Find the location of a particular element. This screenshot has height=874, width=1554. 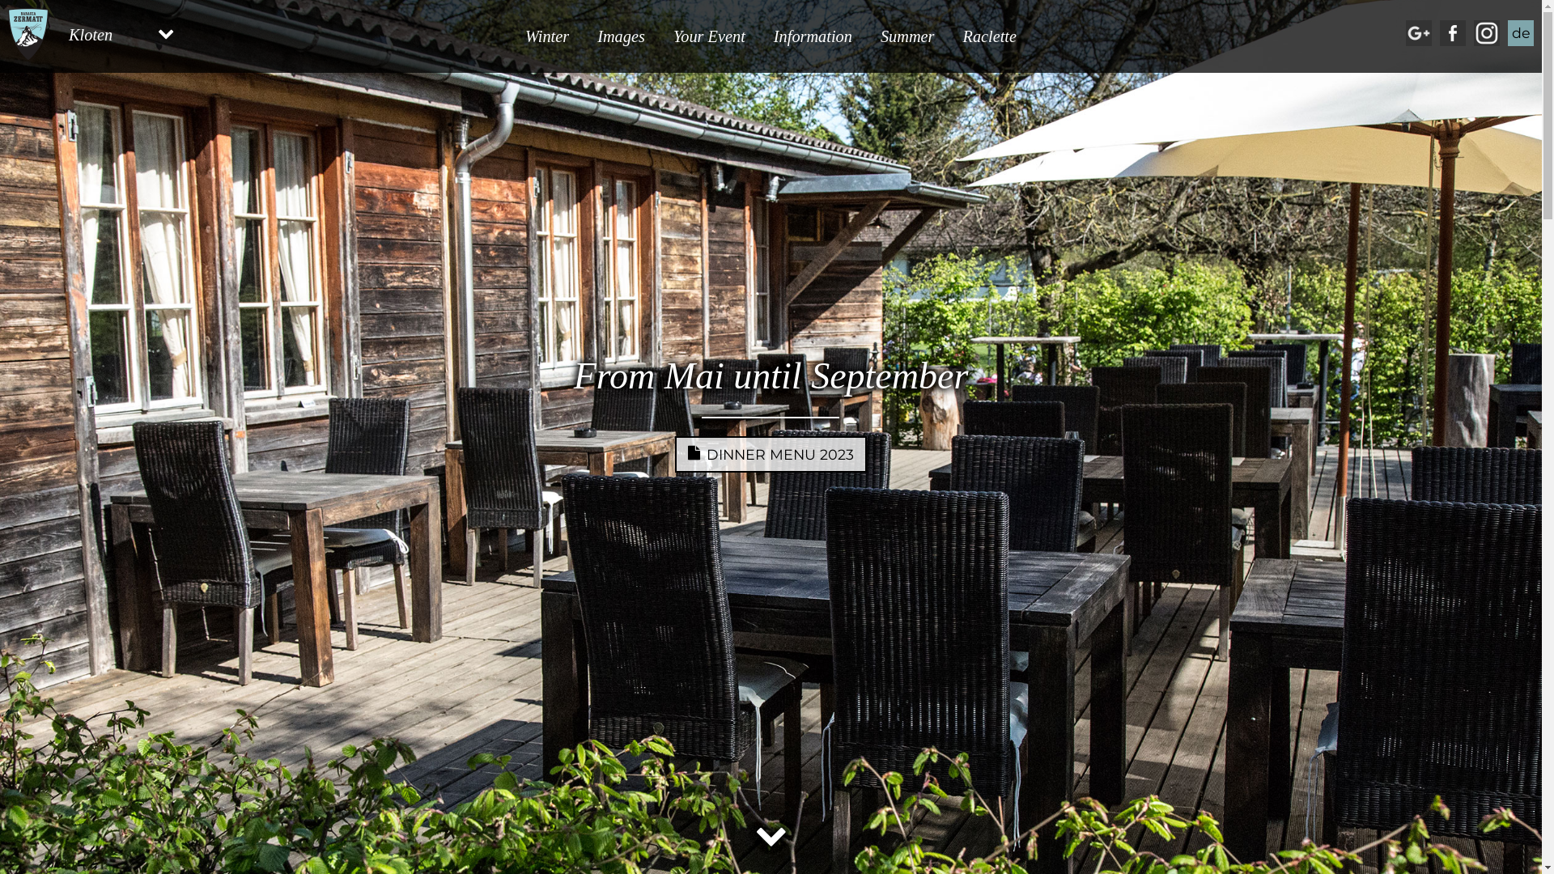

'DINNER MENU 2023' is located at coordinates (769, 454).